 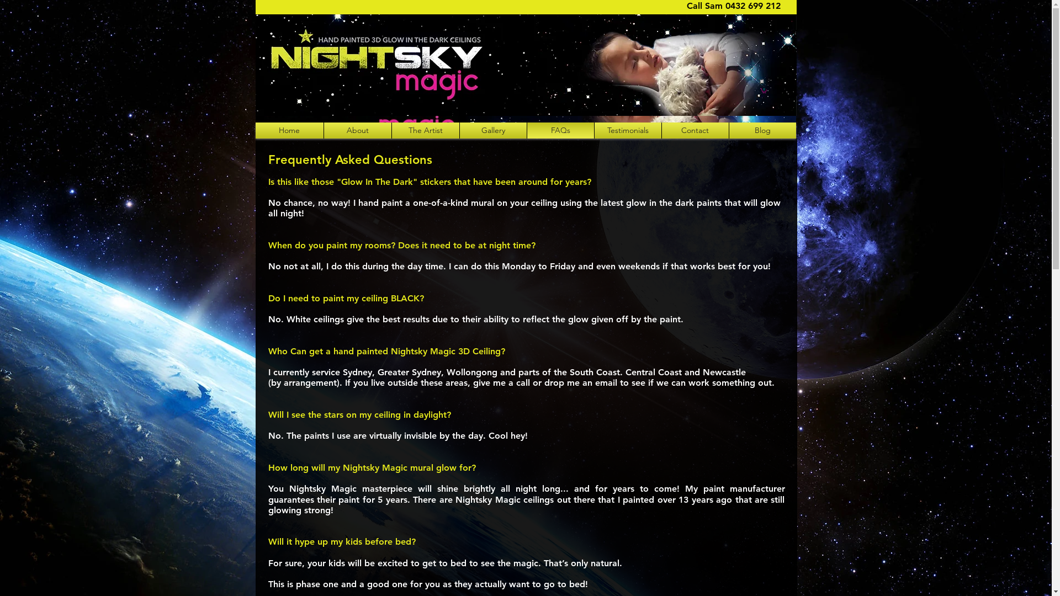 What do you see at coordinates (289, 130) in the screenshot?
I see `'Home'` at bounding box center [289, 130].